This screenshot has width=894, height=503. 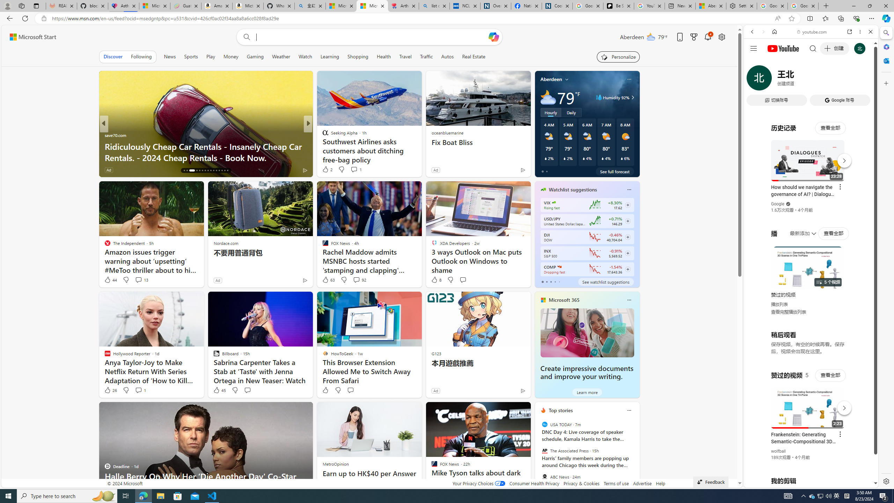 I want to click on 'Aberdeen, Hong Kong SAR hourly forecast | Microsoft Weather', so click(x=711, y=6).